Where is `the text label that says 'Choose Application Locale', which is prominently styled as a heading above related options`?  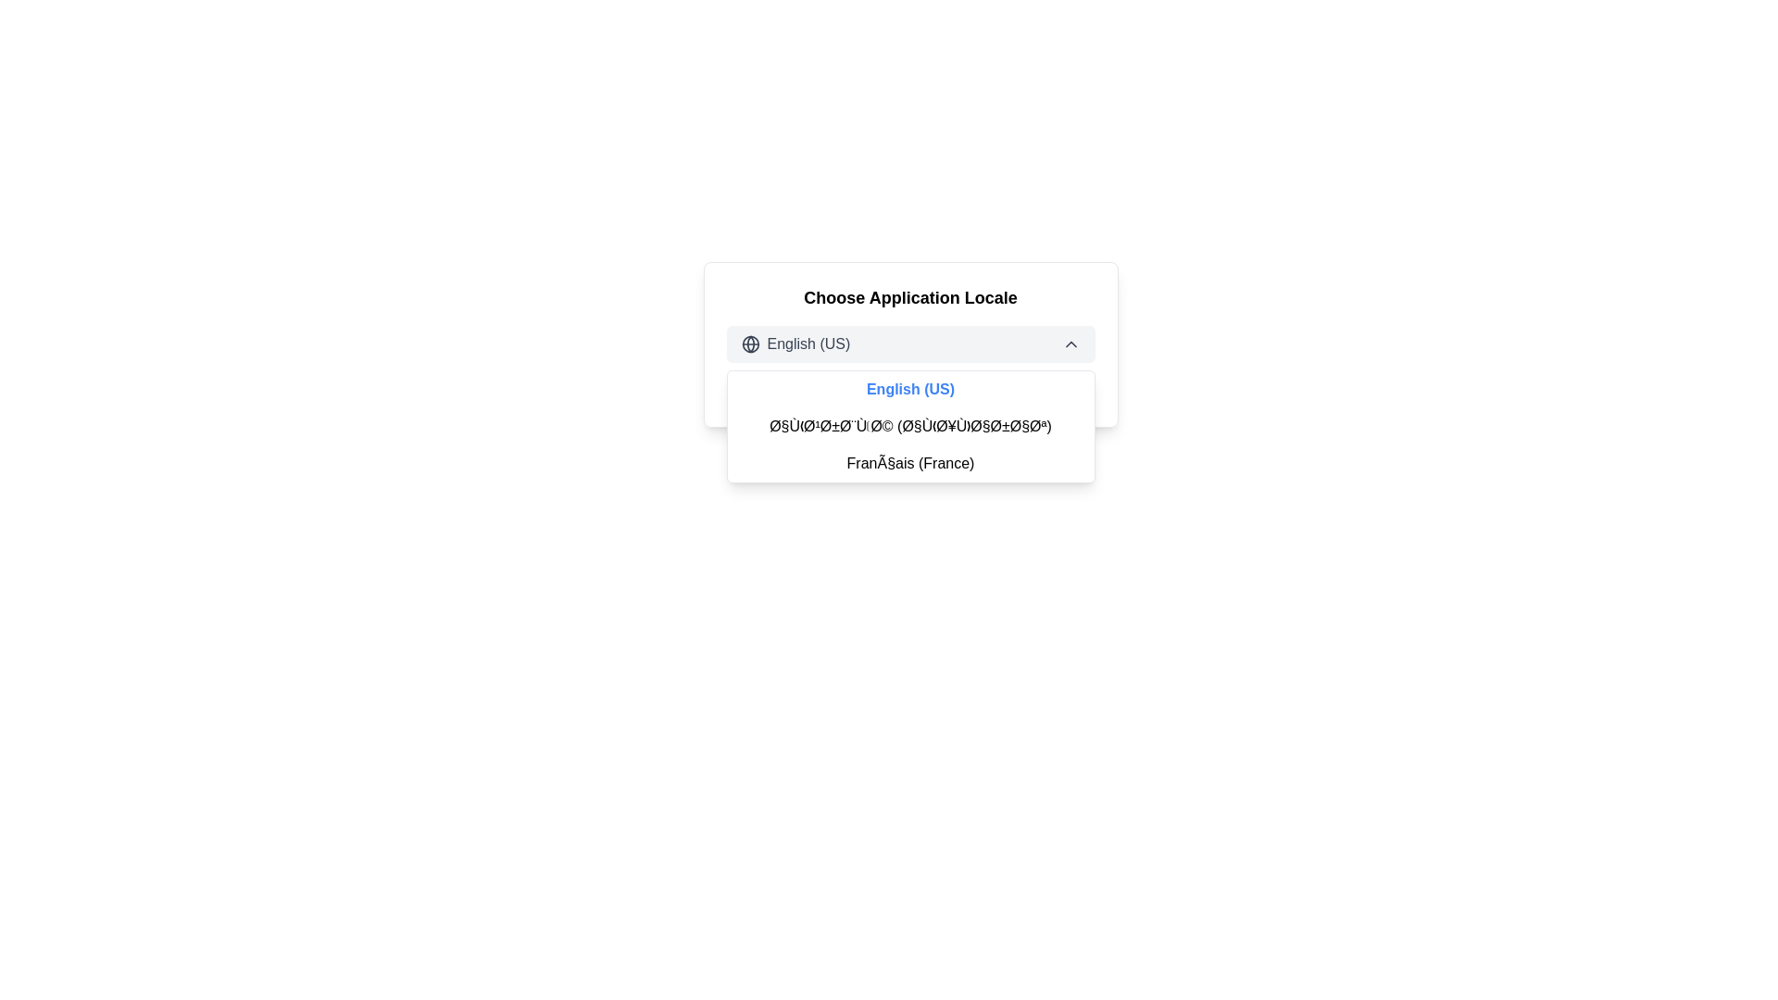 the text label that says 'Choose Application Locale', which is prominently styled as a heading above related options is located at coordinates (910, 296).